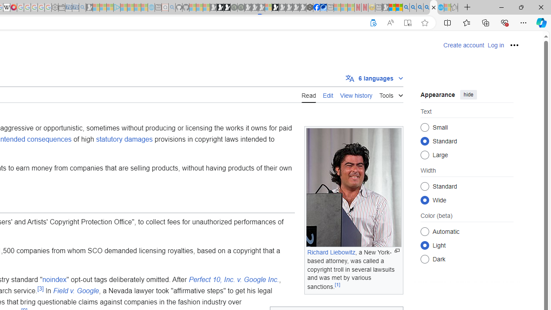  I want to click on 'Tools', so click(390, 94).